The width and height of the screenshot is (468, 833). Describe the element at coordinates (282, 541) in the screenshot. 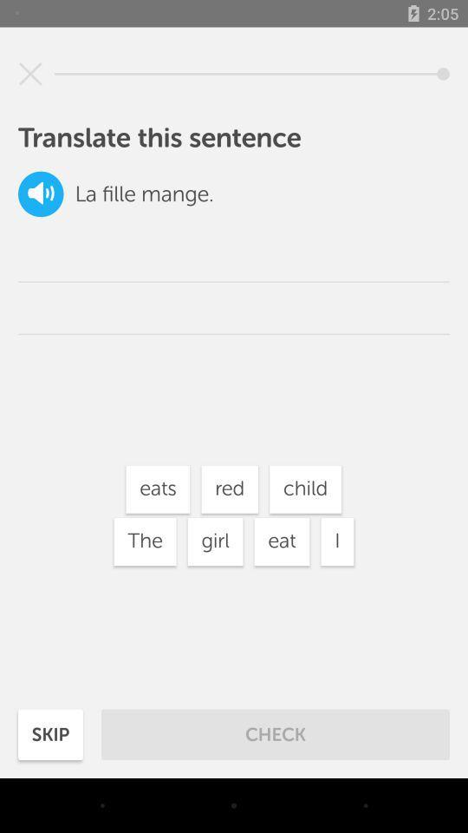

I see `the item next to i item` at that location.